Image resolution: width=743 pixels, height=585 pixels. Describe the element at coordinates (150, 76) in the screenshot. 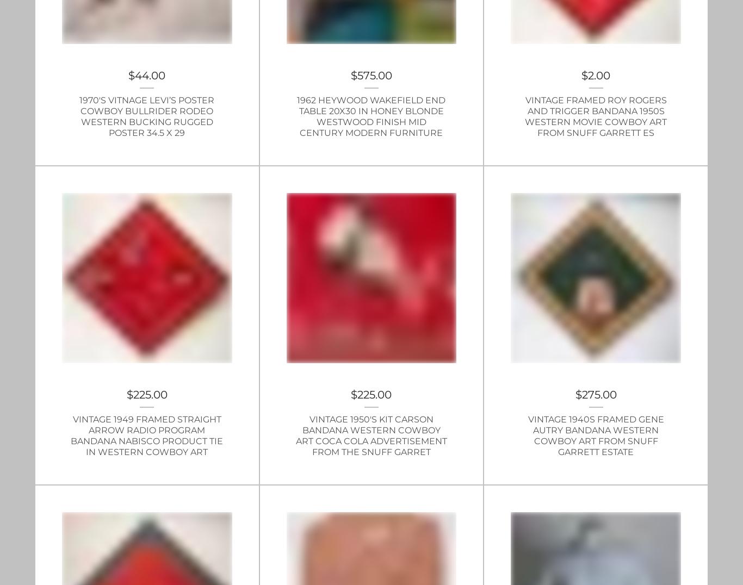

I see `'44.00'` at that location.